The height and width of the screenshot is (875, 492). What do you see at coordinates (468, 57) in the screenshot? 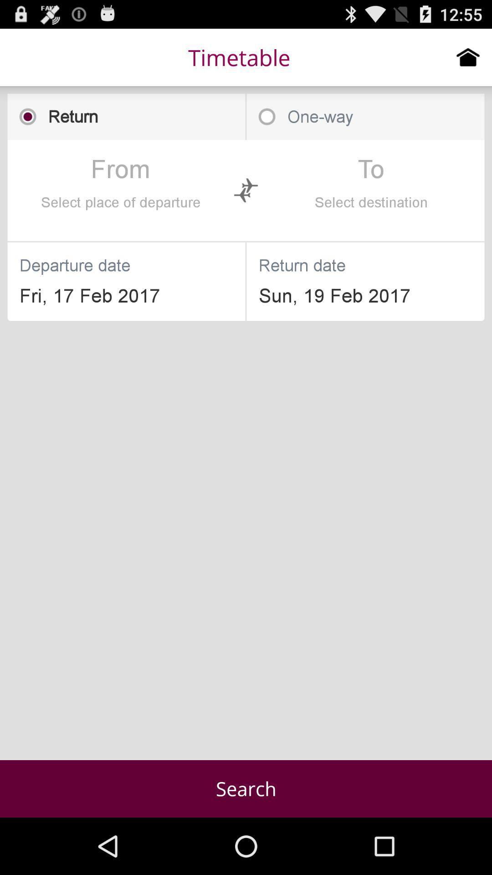
I see `item to the right of timetable icon` at bounding box center [468, 57].